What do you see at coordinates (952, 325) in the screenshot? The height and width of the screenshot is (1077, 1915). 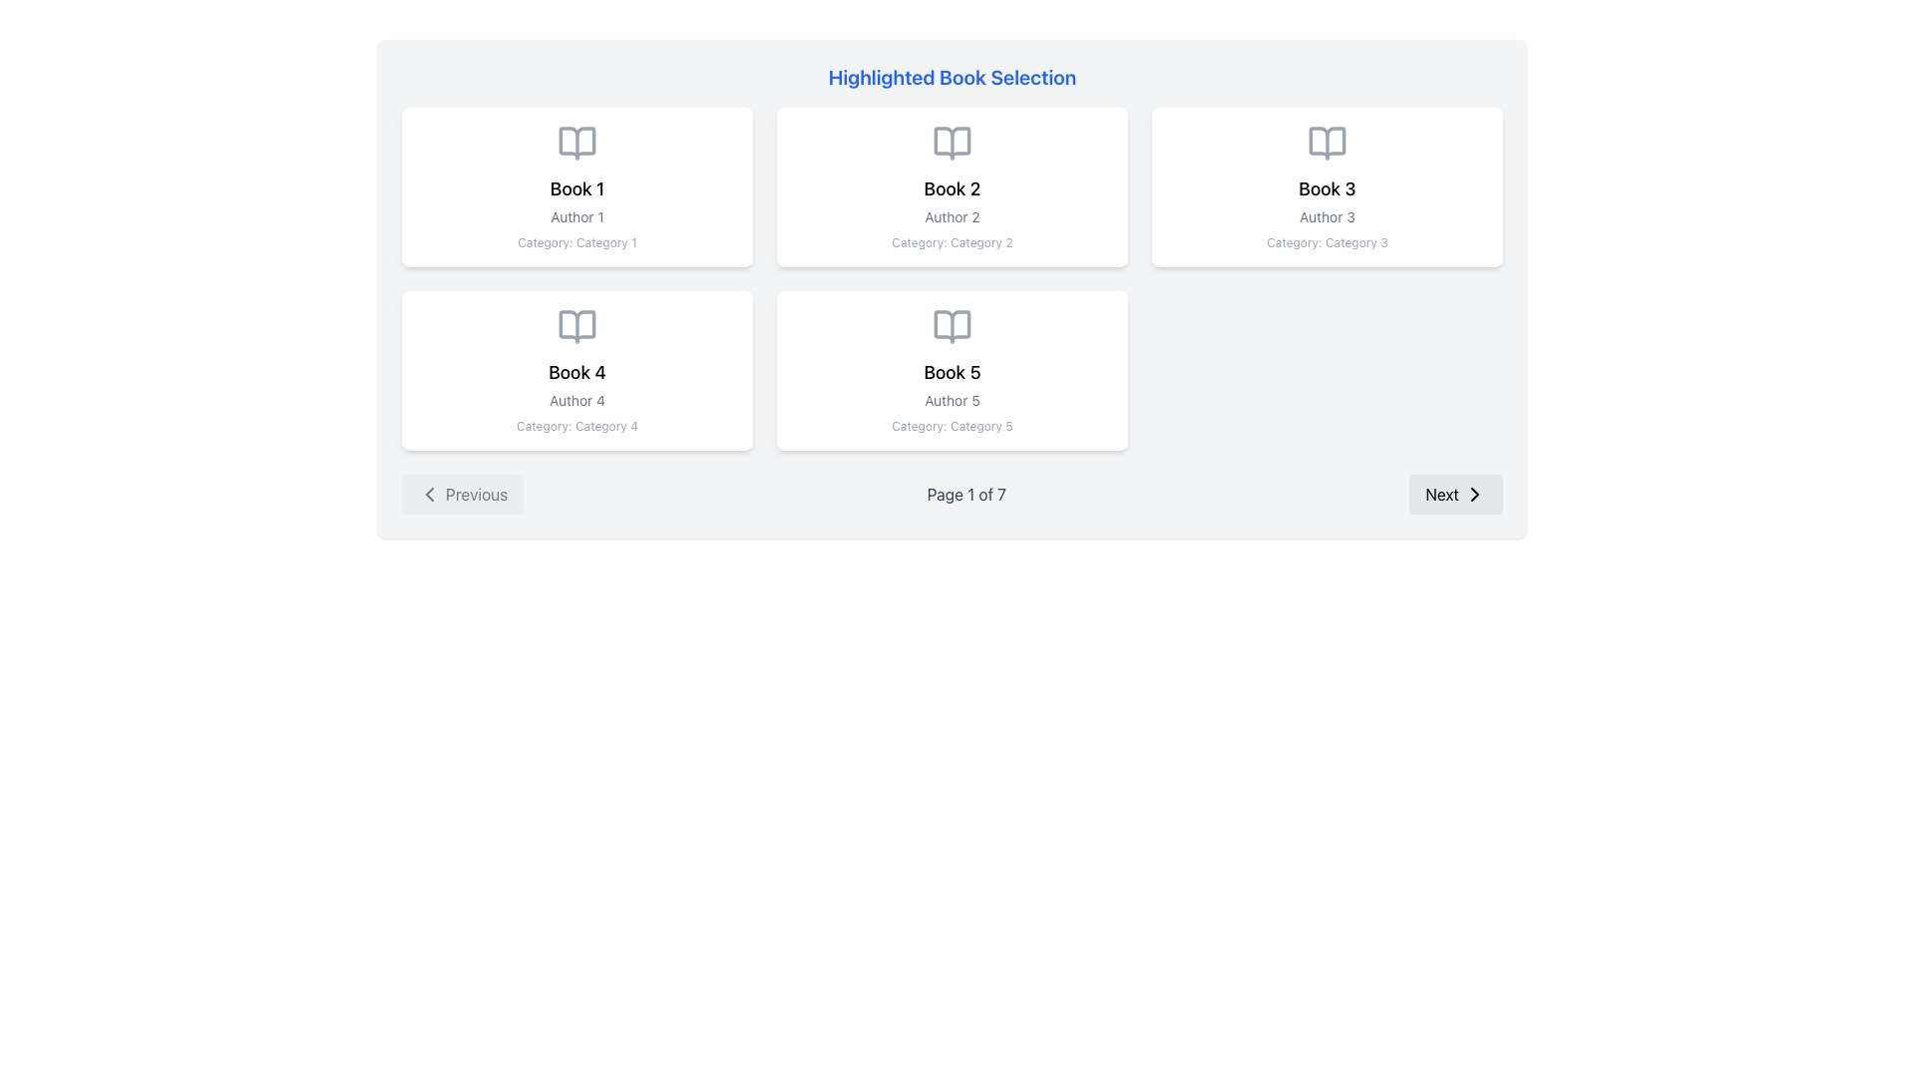 I see `the open book icon styled in gray, located at the top center inside the white card labeled 'Book 5'` at bounding box center [952, 325].